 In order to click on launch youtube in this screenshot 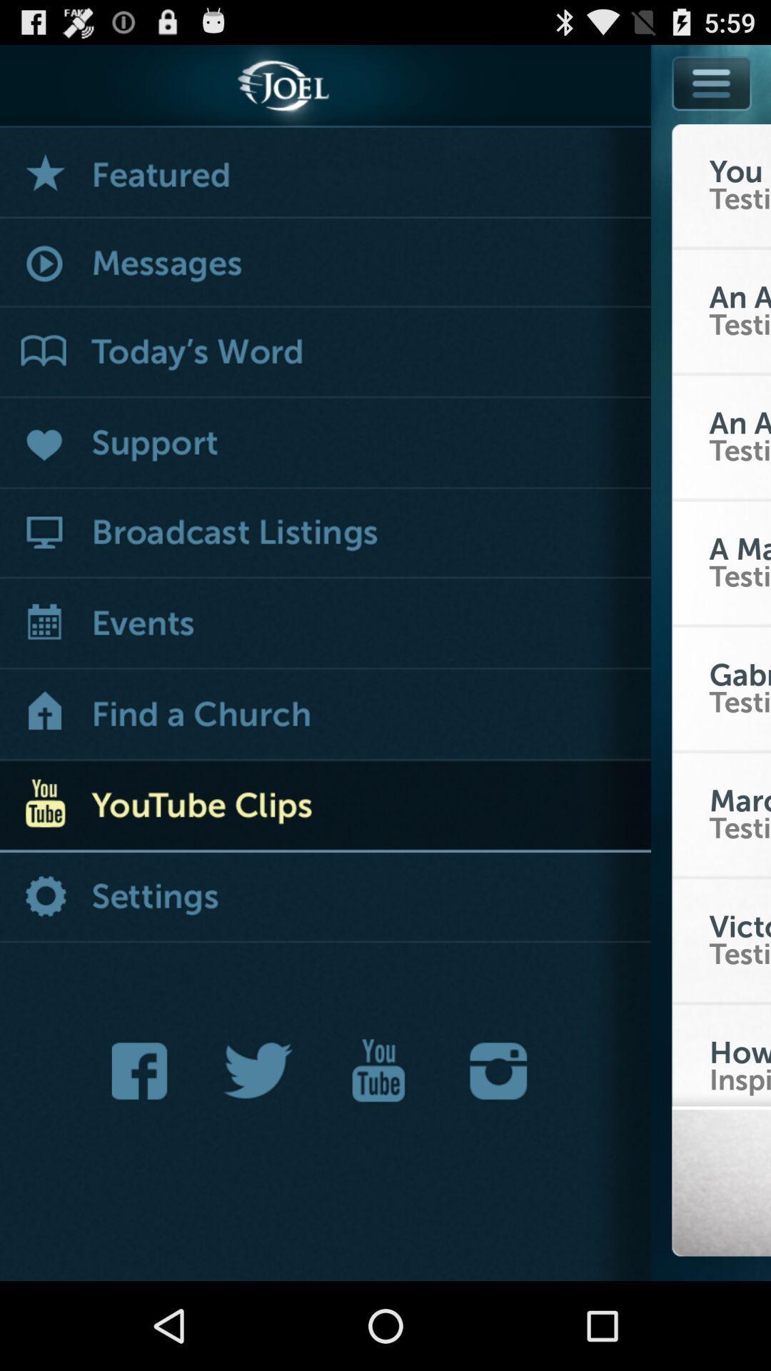, I will do `click(378, 1070)`.